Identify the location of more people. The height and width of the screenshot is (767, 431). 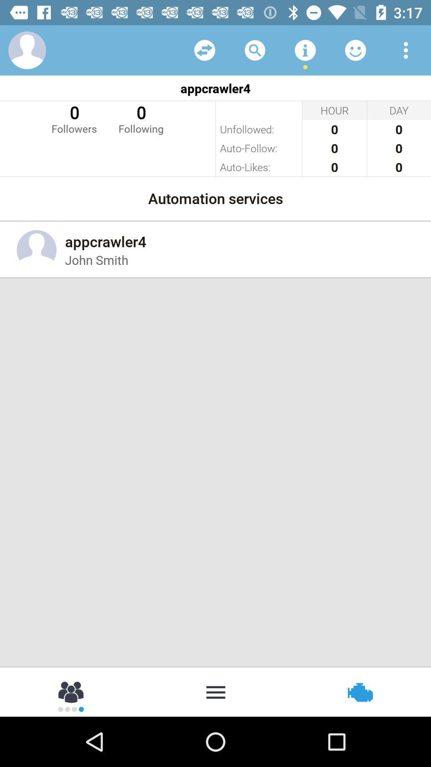
(71, 691).